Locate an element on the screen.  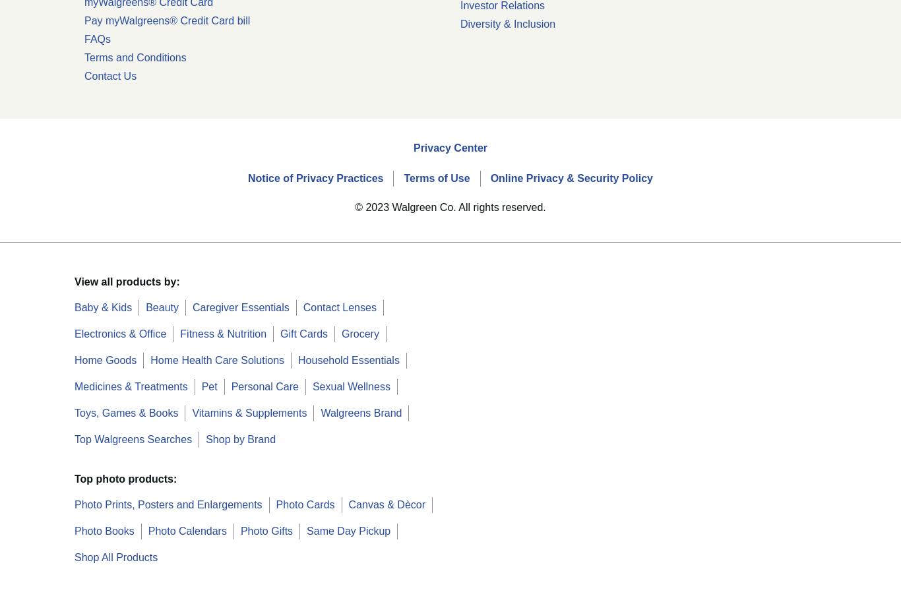
'Baby & Kids' is located at coordinates (102, 306).